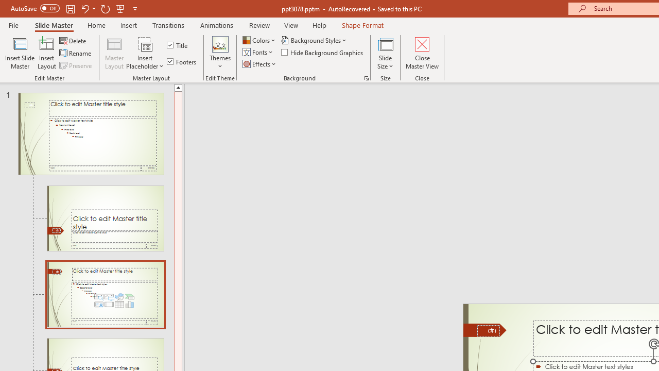 Image resolution: width=659 pixels, height=371 pixels. Describe the element at coordinates (178, 44) in the screenshot. I see `'Title'` at that location.